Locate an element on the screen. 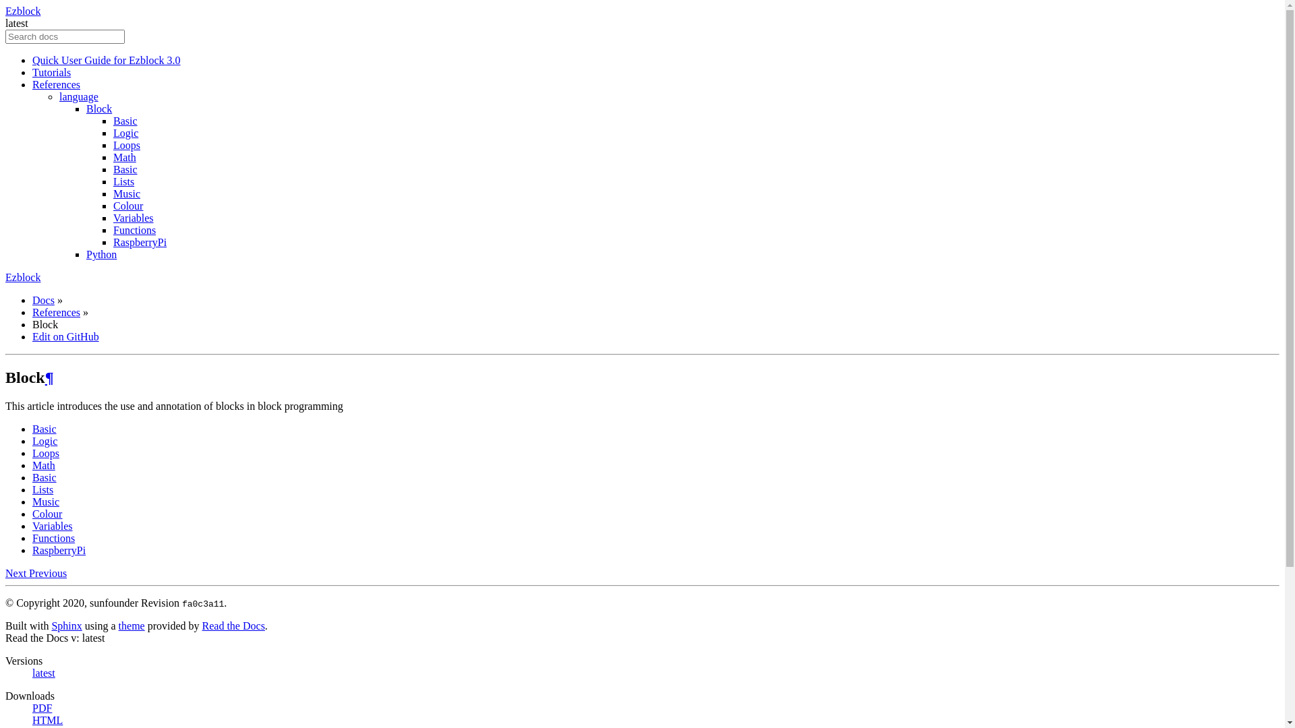  'Python' is located at coordinates (86, 254).